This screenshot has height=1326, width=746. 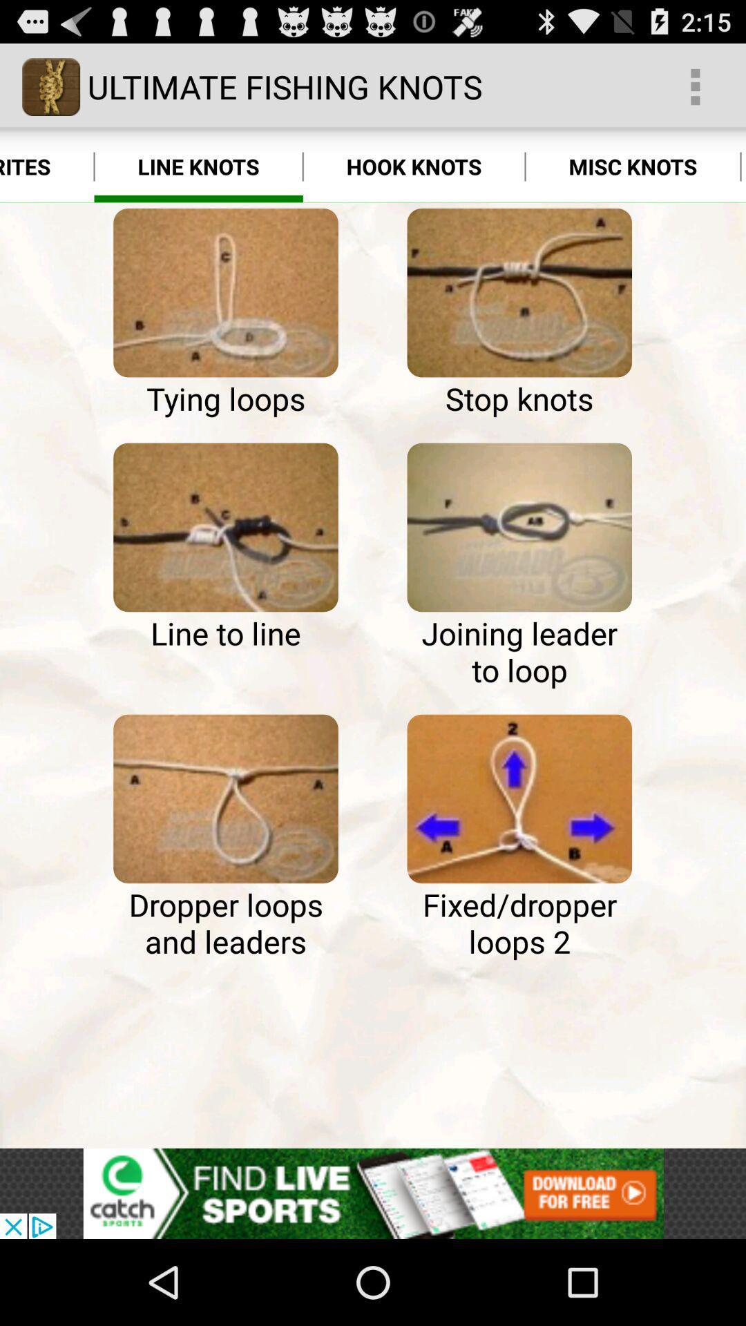 What do you see at coordinates (519, 526) in the screenshot?
I see `knot` at bounding box center [519, 526].